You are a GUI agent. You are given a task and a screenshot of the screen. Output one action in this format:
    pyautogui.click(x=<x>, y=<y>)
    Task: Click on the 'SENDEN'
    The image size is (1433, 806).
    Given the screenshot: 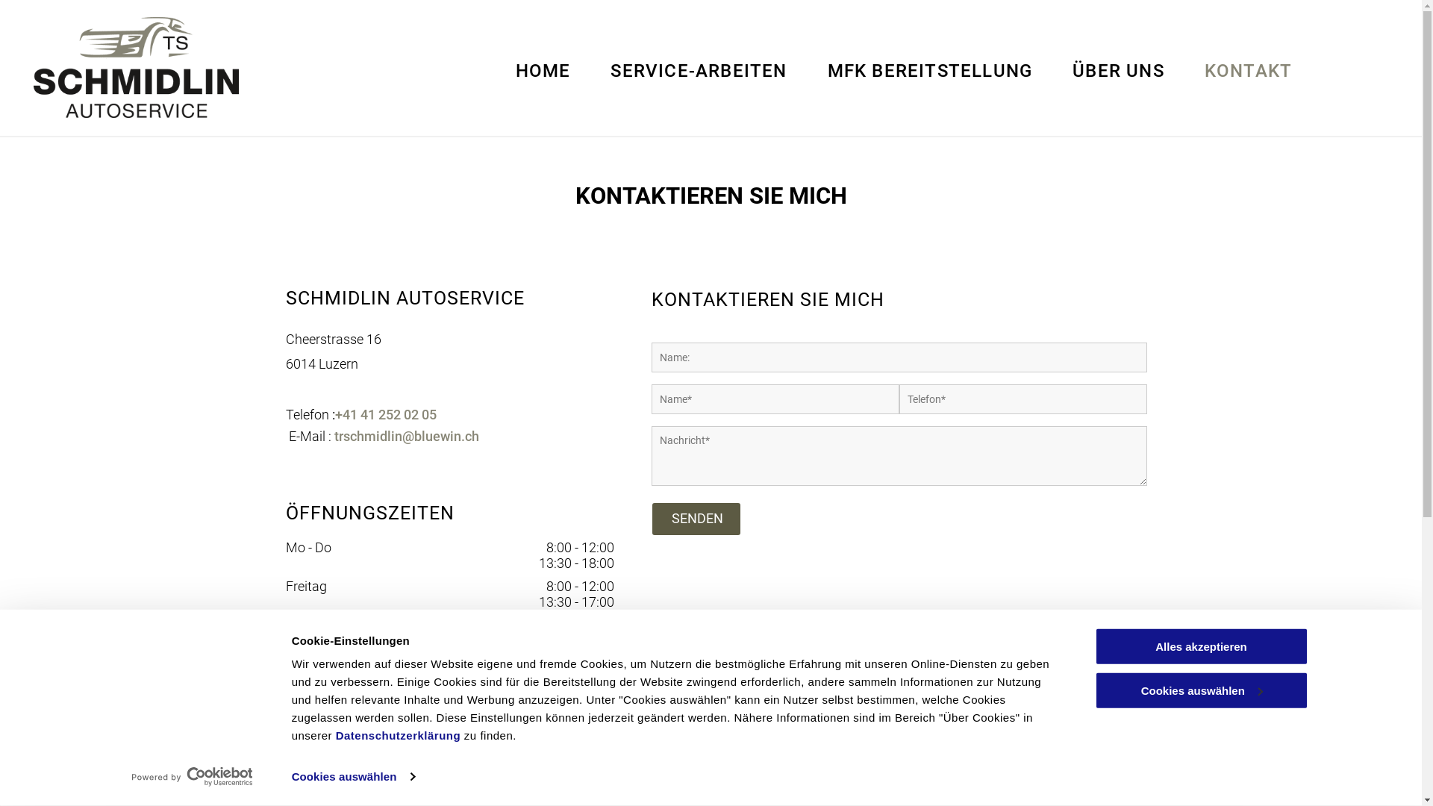 What is the action you would take?
    pyautogui.click(x=697, y=517)
    